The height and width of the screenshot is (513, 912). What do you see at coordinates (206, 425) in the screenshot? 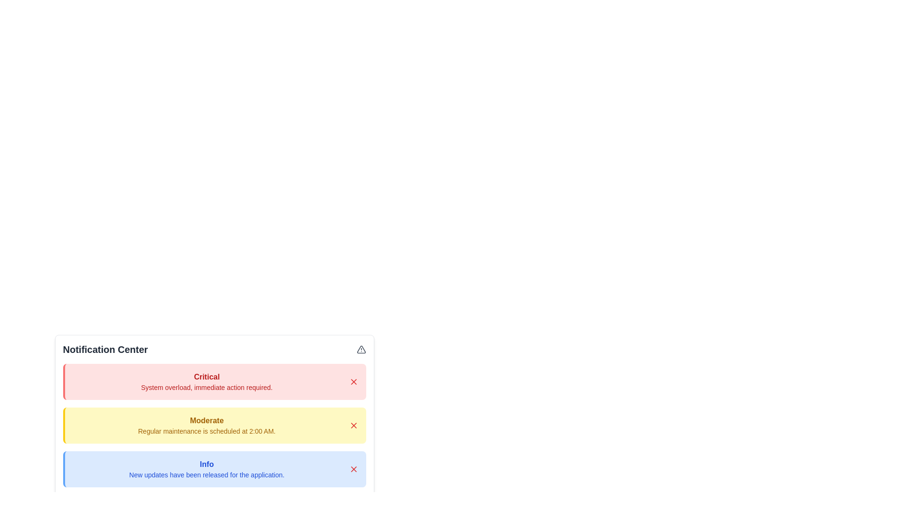
I see `the notification with level Moderate to view its details` at bounding box center [206, 425].